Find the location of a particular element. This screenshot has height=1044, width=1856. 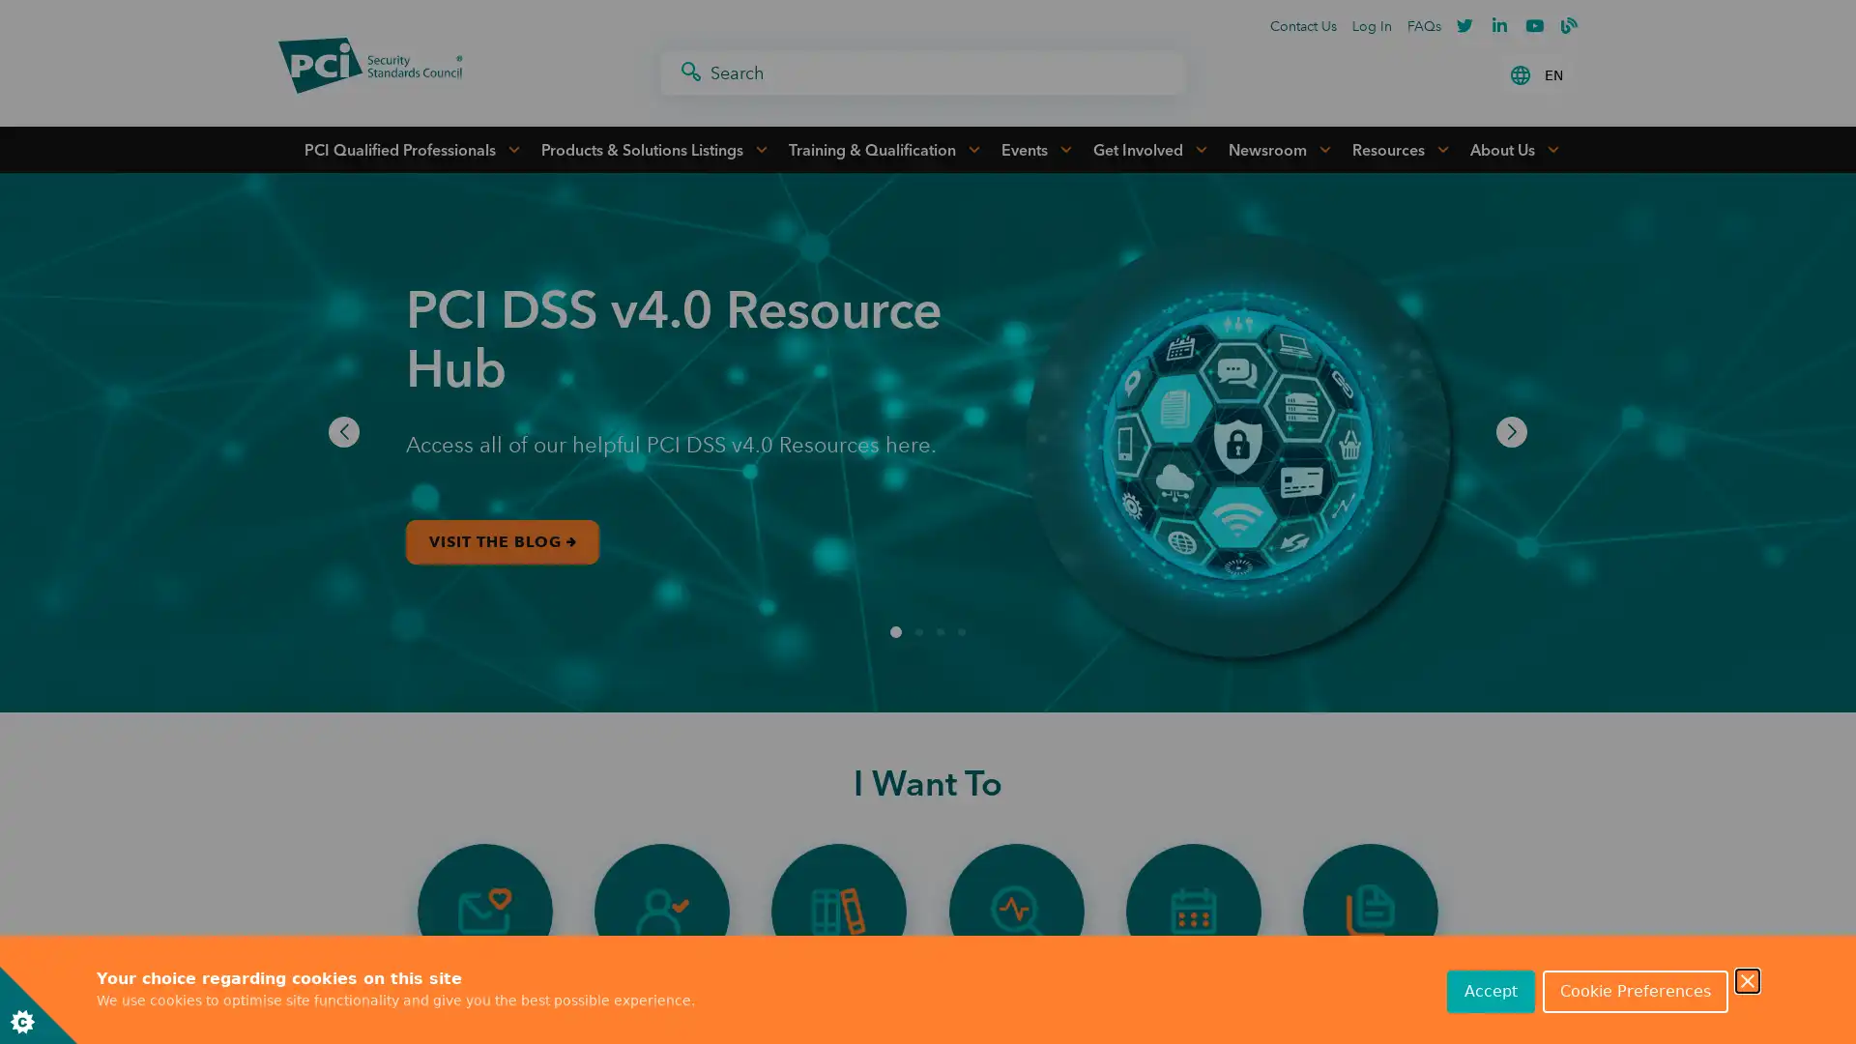

Go to slide 2 is located at coordinates (917, 632).